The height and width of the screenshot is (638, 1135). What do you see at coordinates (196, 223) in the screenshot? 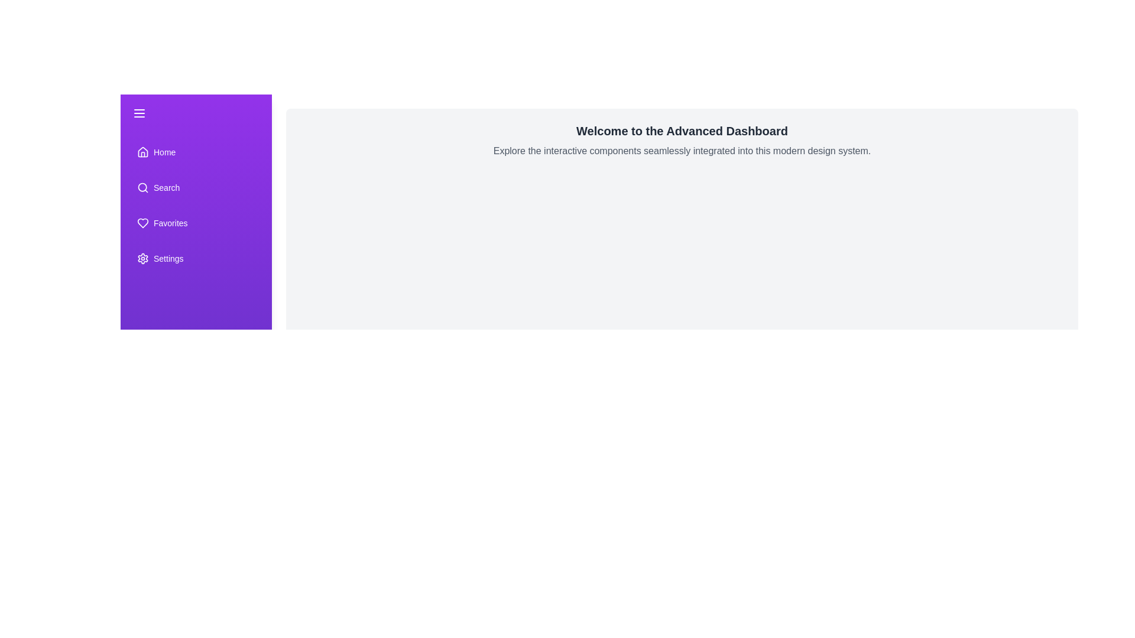
I see `the 'Favorites' menu item in the drawer` at bounding box center [196, 223].